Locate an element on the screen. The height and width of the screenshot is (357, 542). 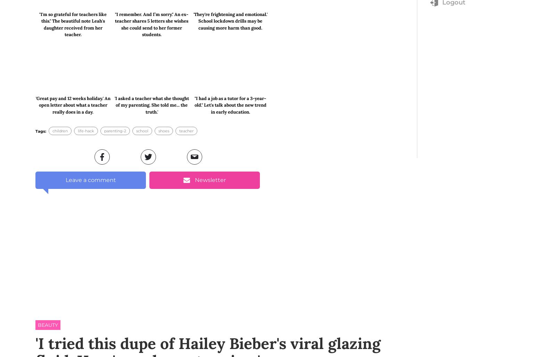
'esmi Skin Minerals' is located at coordinates (115, 234).